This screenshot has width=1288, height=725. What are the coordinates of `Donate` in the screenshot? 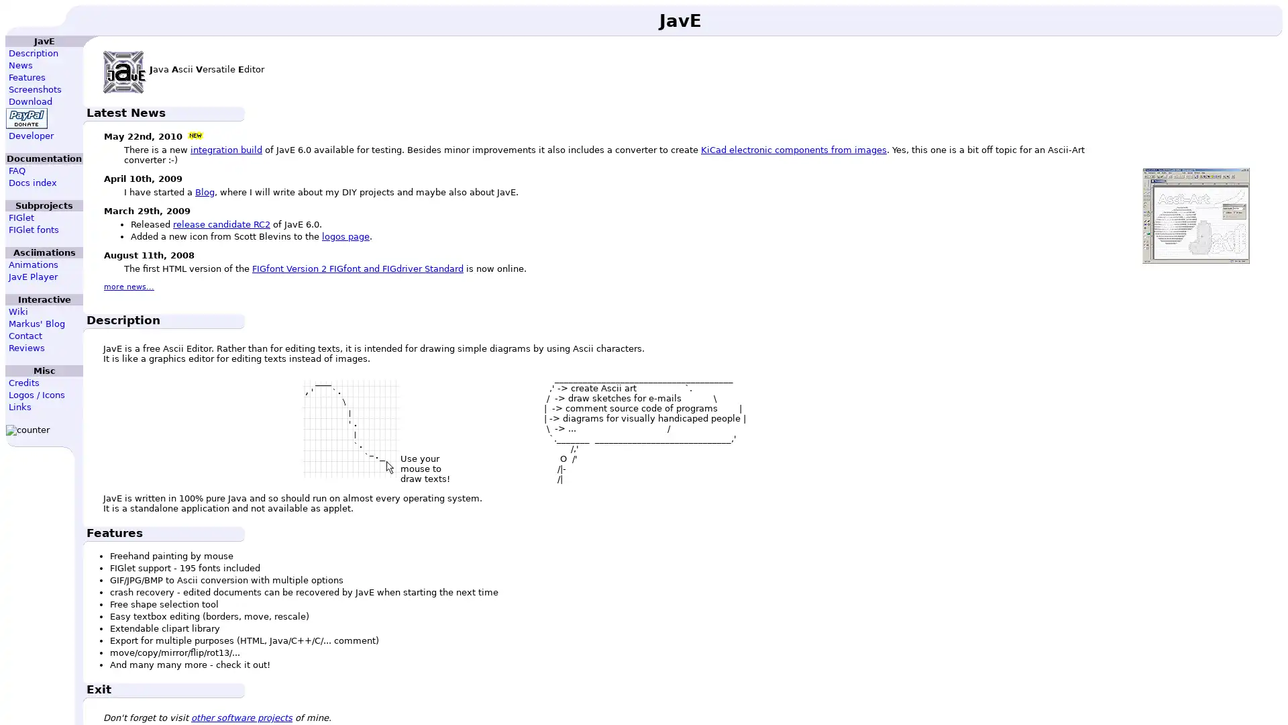 It's located at (26, 117).